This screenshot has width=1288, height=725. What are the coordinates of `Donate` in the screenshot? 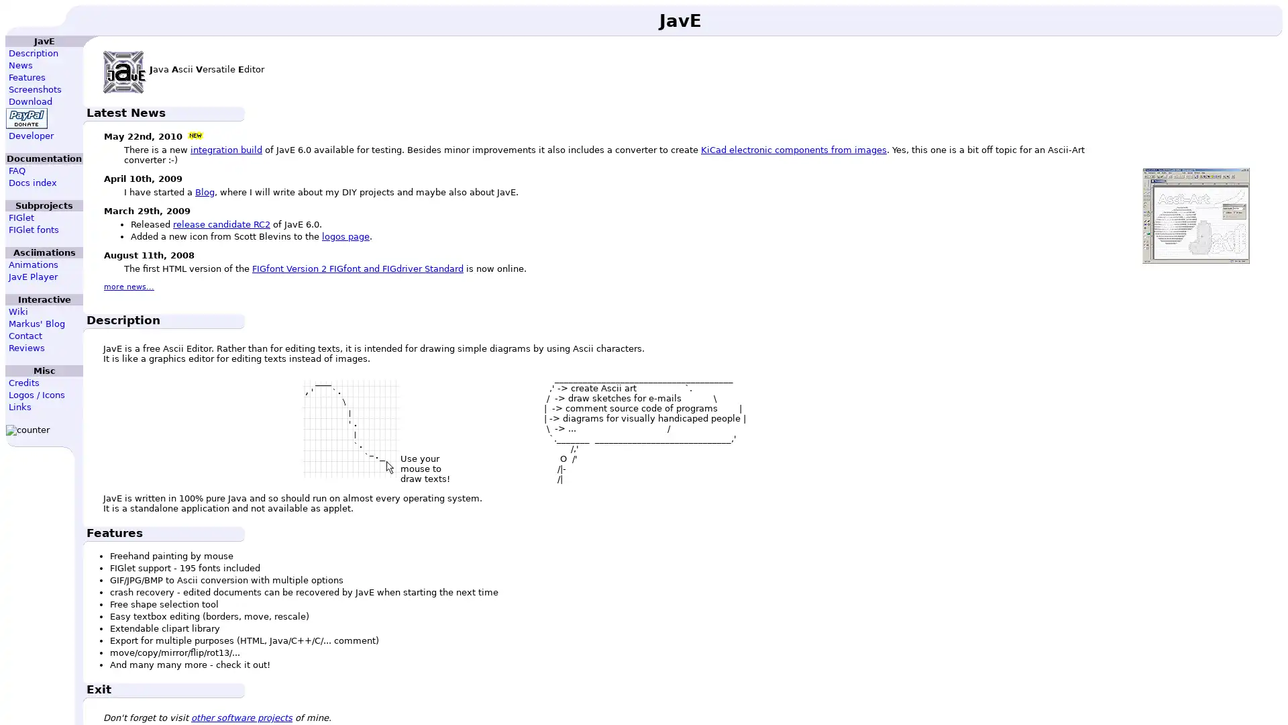 It's located at (26, 117).